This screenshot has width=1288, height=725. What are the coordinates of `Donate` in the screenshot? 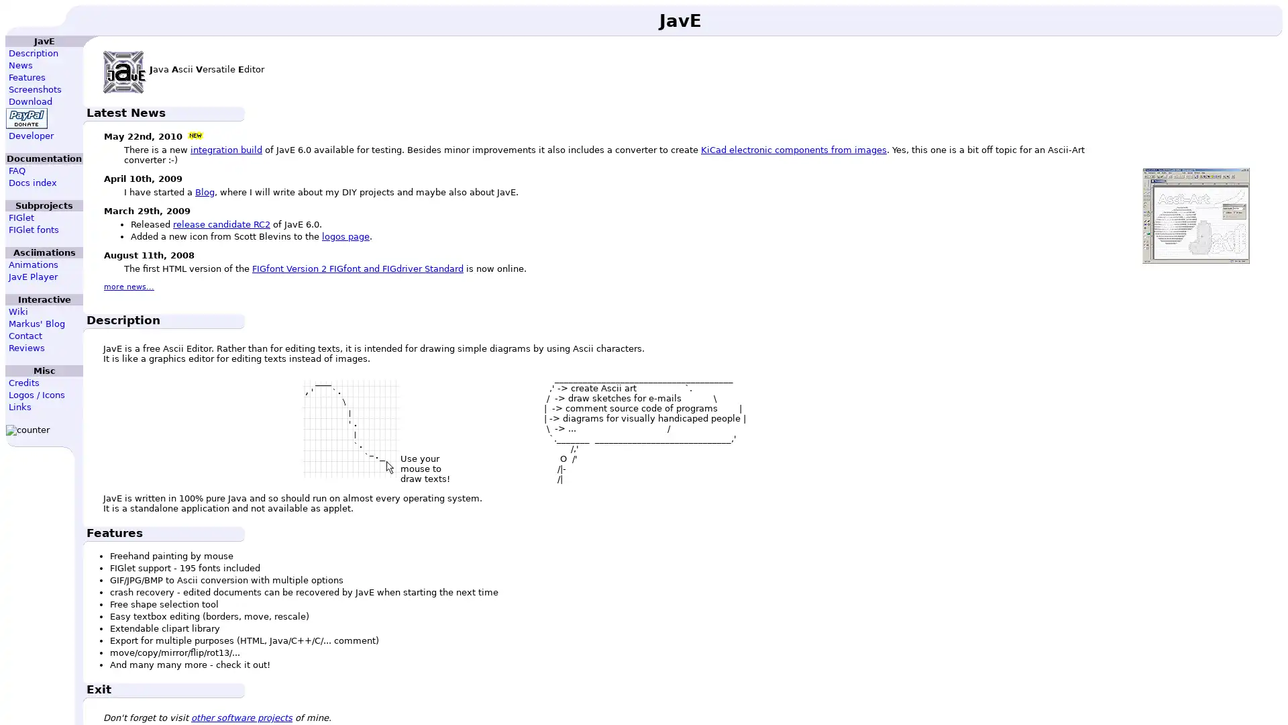 It's located at (26, 117).